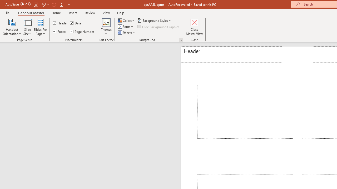  What do you see at coordinates (82, 31) in the screenshot?
I see `'Page Number'` at bounding box center [82, 31].